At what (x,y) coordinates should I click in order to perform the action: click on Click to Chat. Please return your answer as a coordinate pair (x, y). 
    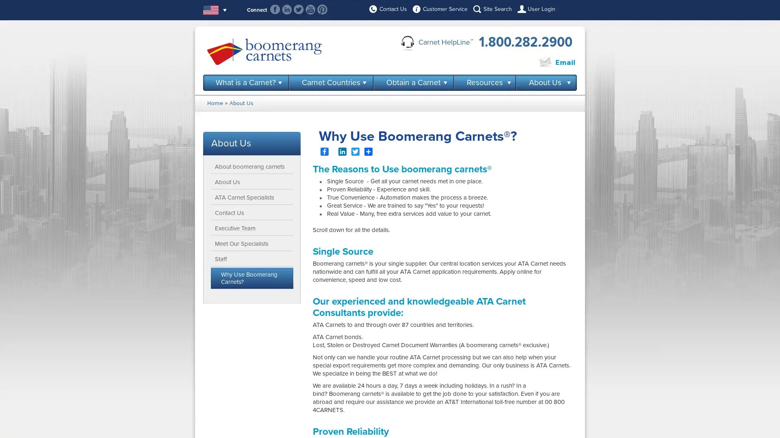
    Looking at the image, I should click on (510, 62).